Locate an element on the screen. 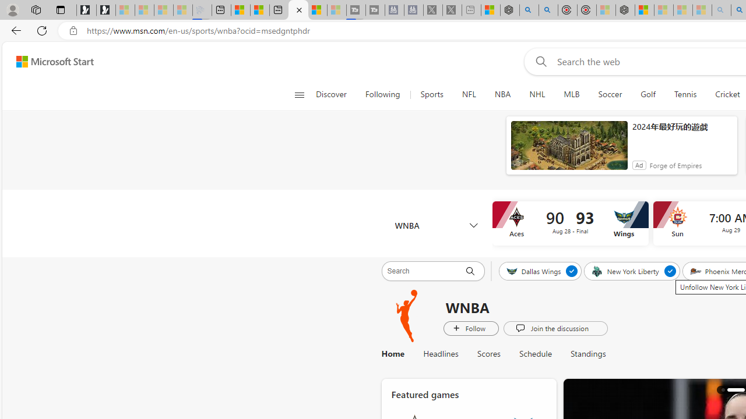  'poe - Search' is located at coordinates (529, 10).